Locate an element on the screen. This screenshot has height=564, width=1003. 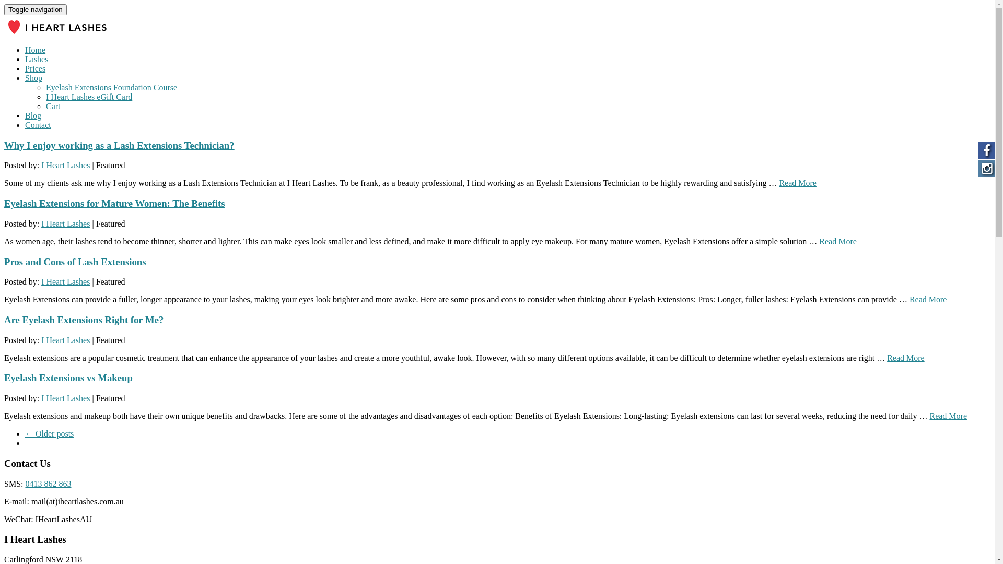
'Eyelash Extensions vs Makeup' is located at coordinates (67, 378).